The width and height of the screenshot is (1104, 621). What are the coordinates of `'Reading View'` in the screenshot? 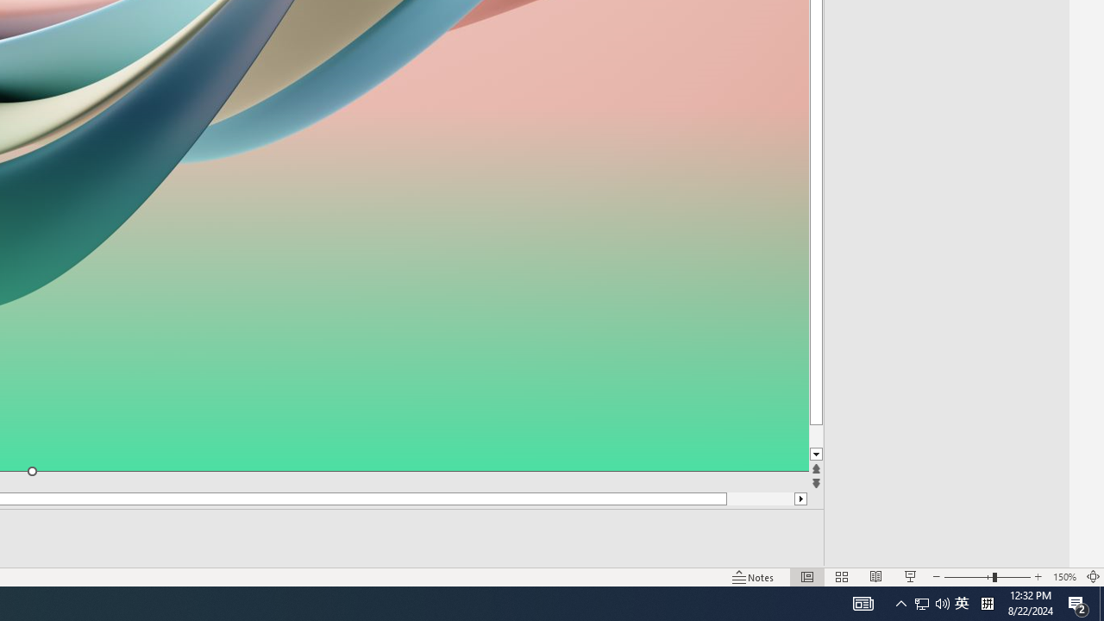 It's located at (875, 577).